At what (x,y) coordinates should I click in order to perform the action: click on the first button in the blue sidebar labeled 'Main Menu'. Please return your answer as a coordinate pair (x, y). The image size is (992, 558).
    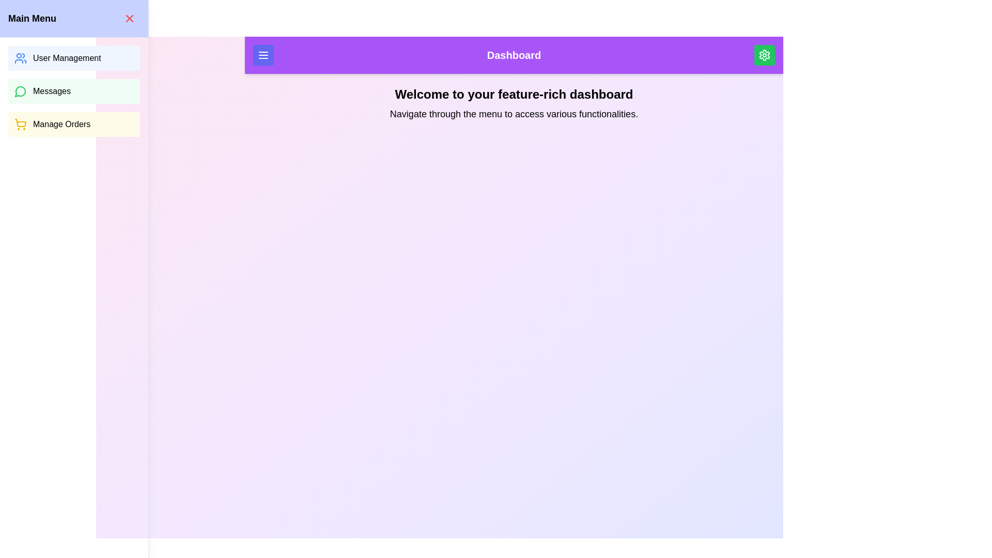
    Looking at the image, I should click on (73, 58).